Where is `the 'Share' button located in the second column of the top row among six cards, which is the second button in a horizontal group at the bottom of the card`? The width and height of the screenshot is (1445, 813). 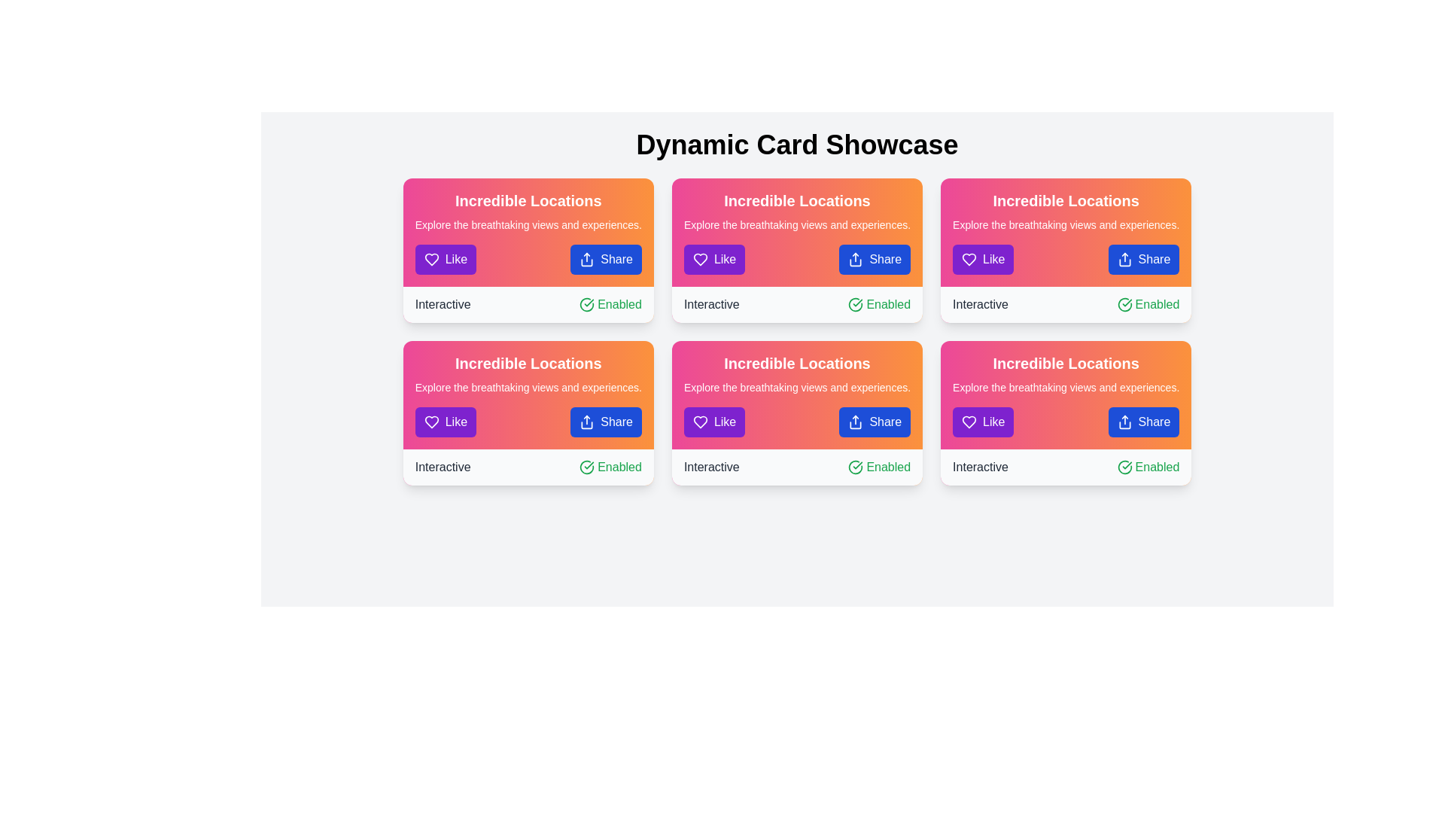
the 'Share' button located in the second column of the top row among six cards, which is the second button in a horizontal group at the bottom of the card is located at coordinates (875, 258).